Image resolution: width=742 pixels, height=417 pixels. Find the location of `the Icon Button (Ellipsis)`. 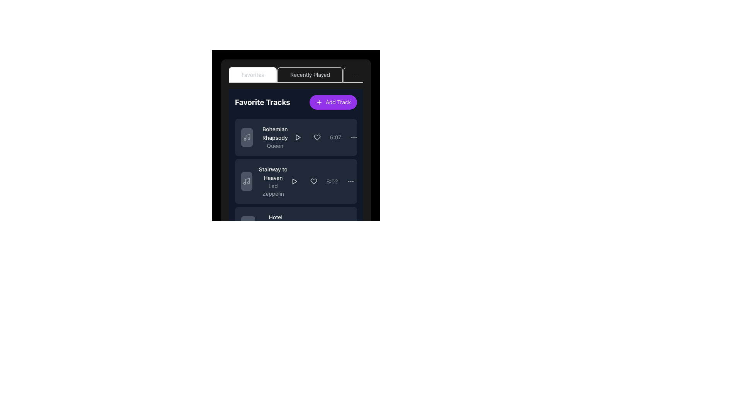

the Icon Button (Ellipsis) is located at coordinates (353, 137).